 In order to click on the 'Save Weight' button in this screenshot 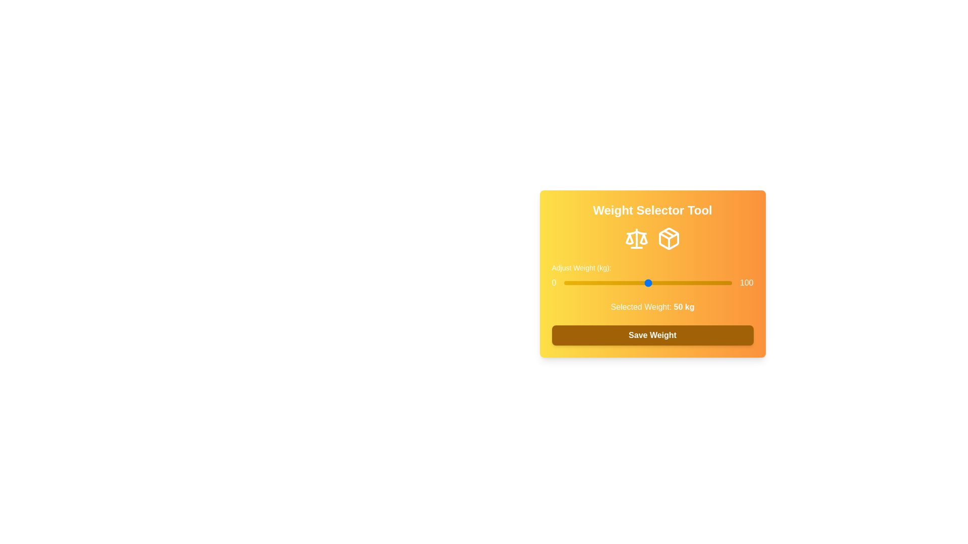, I will do `click(652, 335)`.